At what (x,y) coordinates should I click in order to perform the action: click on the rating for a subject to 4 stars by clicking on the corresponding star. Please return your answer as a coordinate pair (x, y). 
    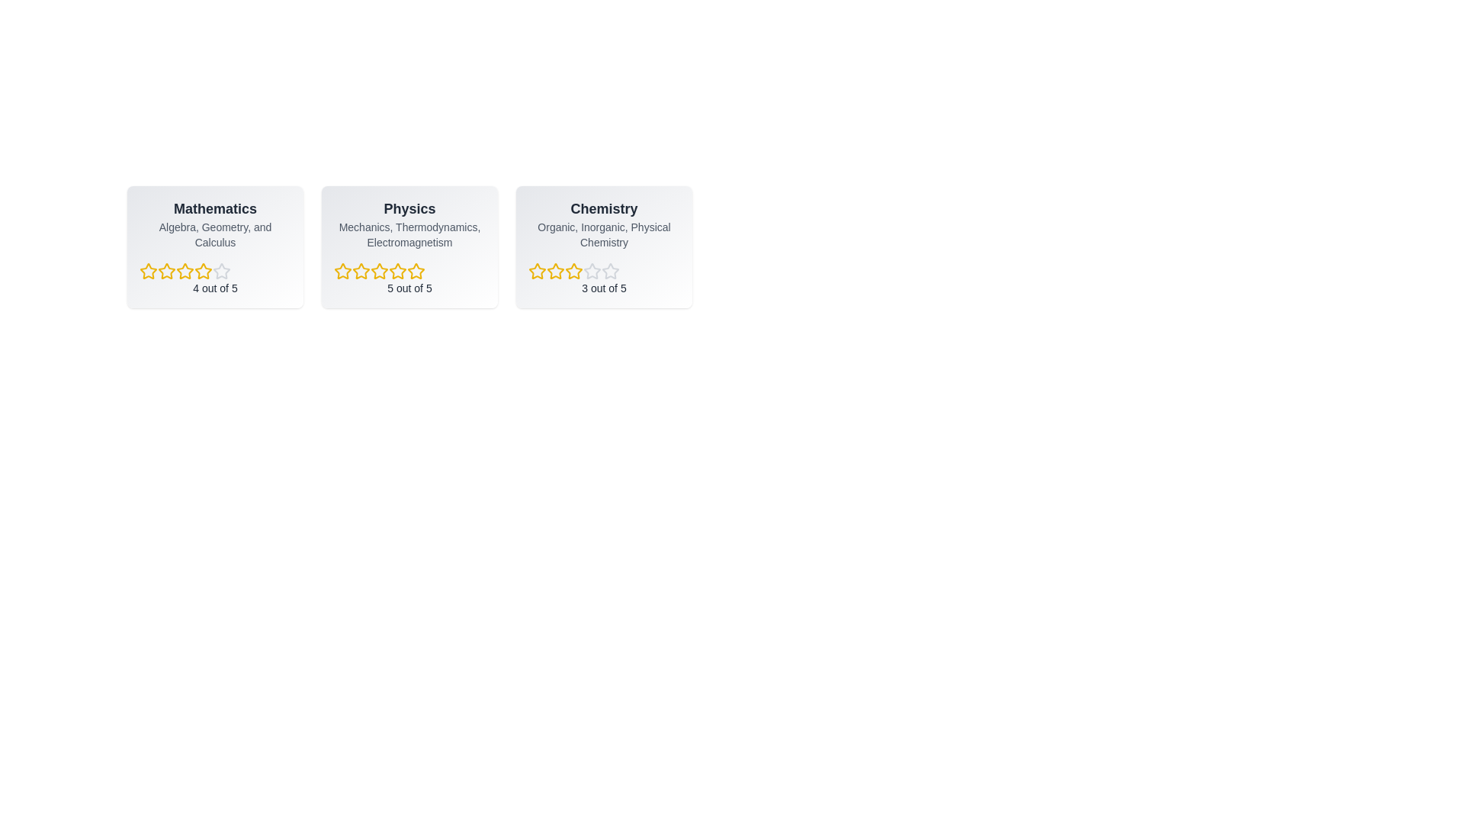
    Looking at the image, I should click on (203, 270).